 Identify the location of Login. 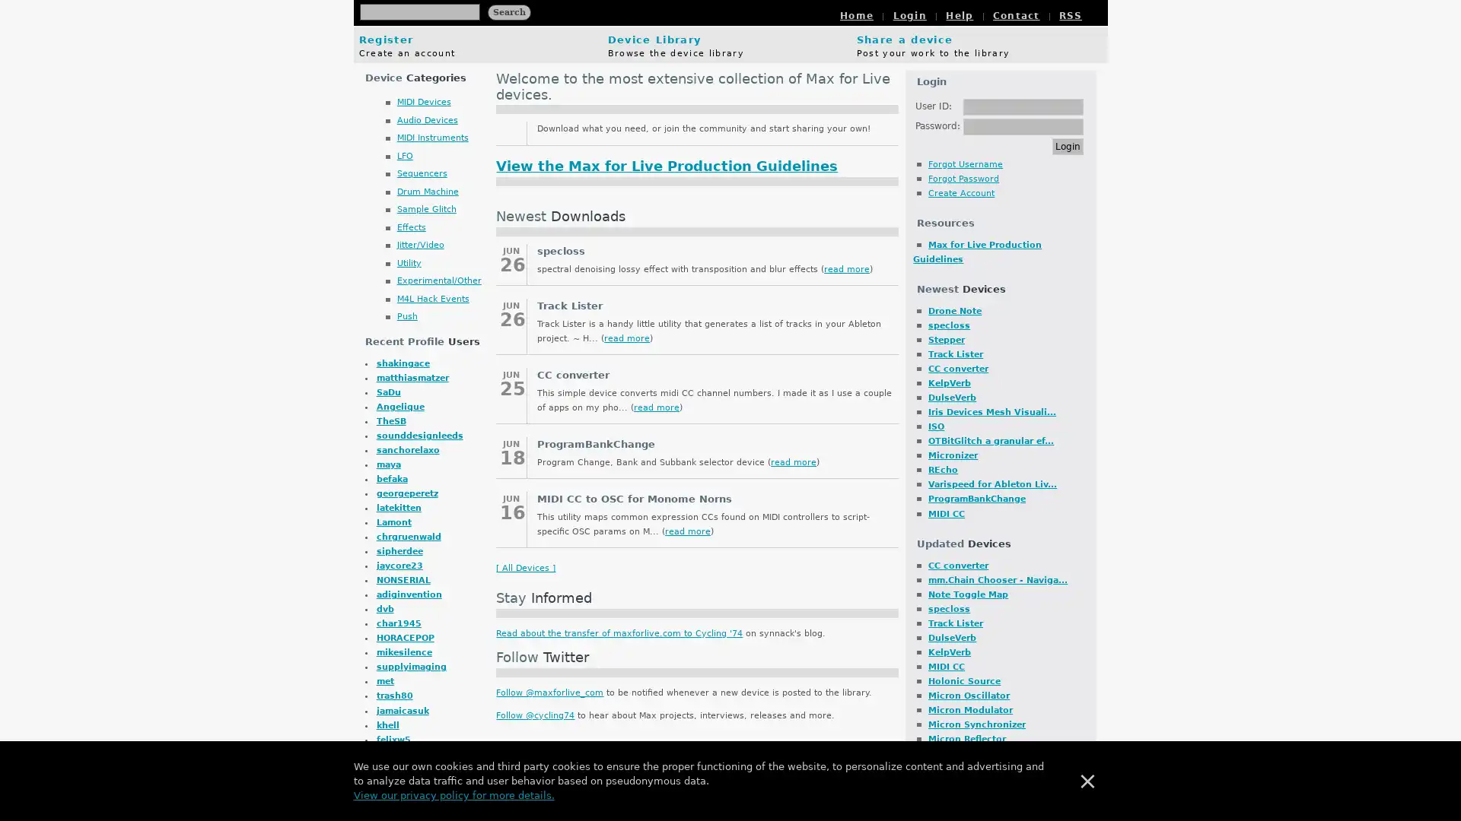
(1067, 146).